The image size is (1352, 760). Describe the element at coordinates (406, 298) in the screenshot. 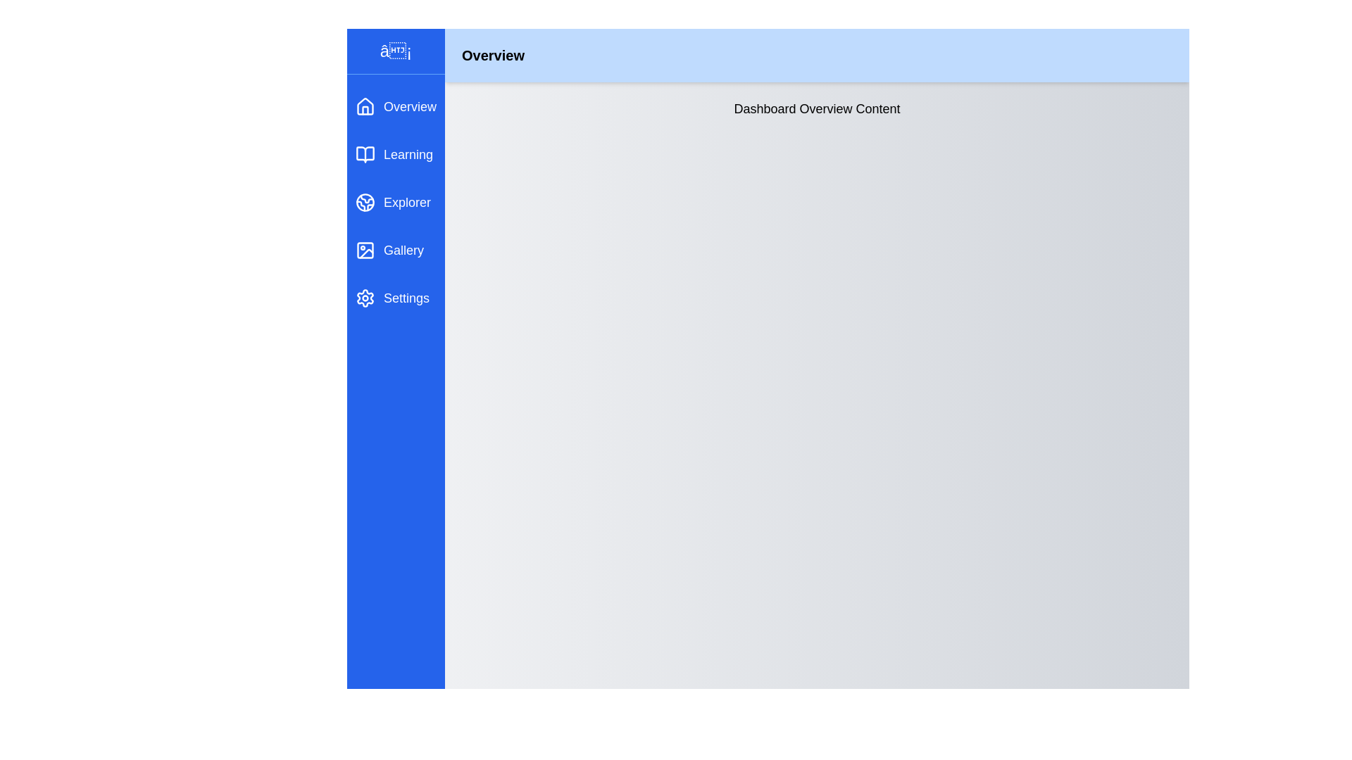

I see `the 'Settings' text label in the left-side vertical navigation menu` at that location.